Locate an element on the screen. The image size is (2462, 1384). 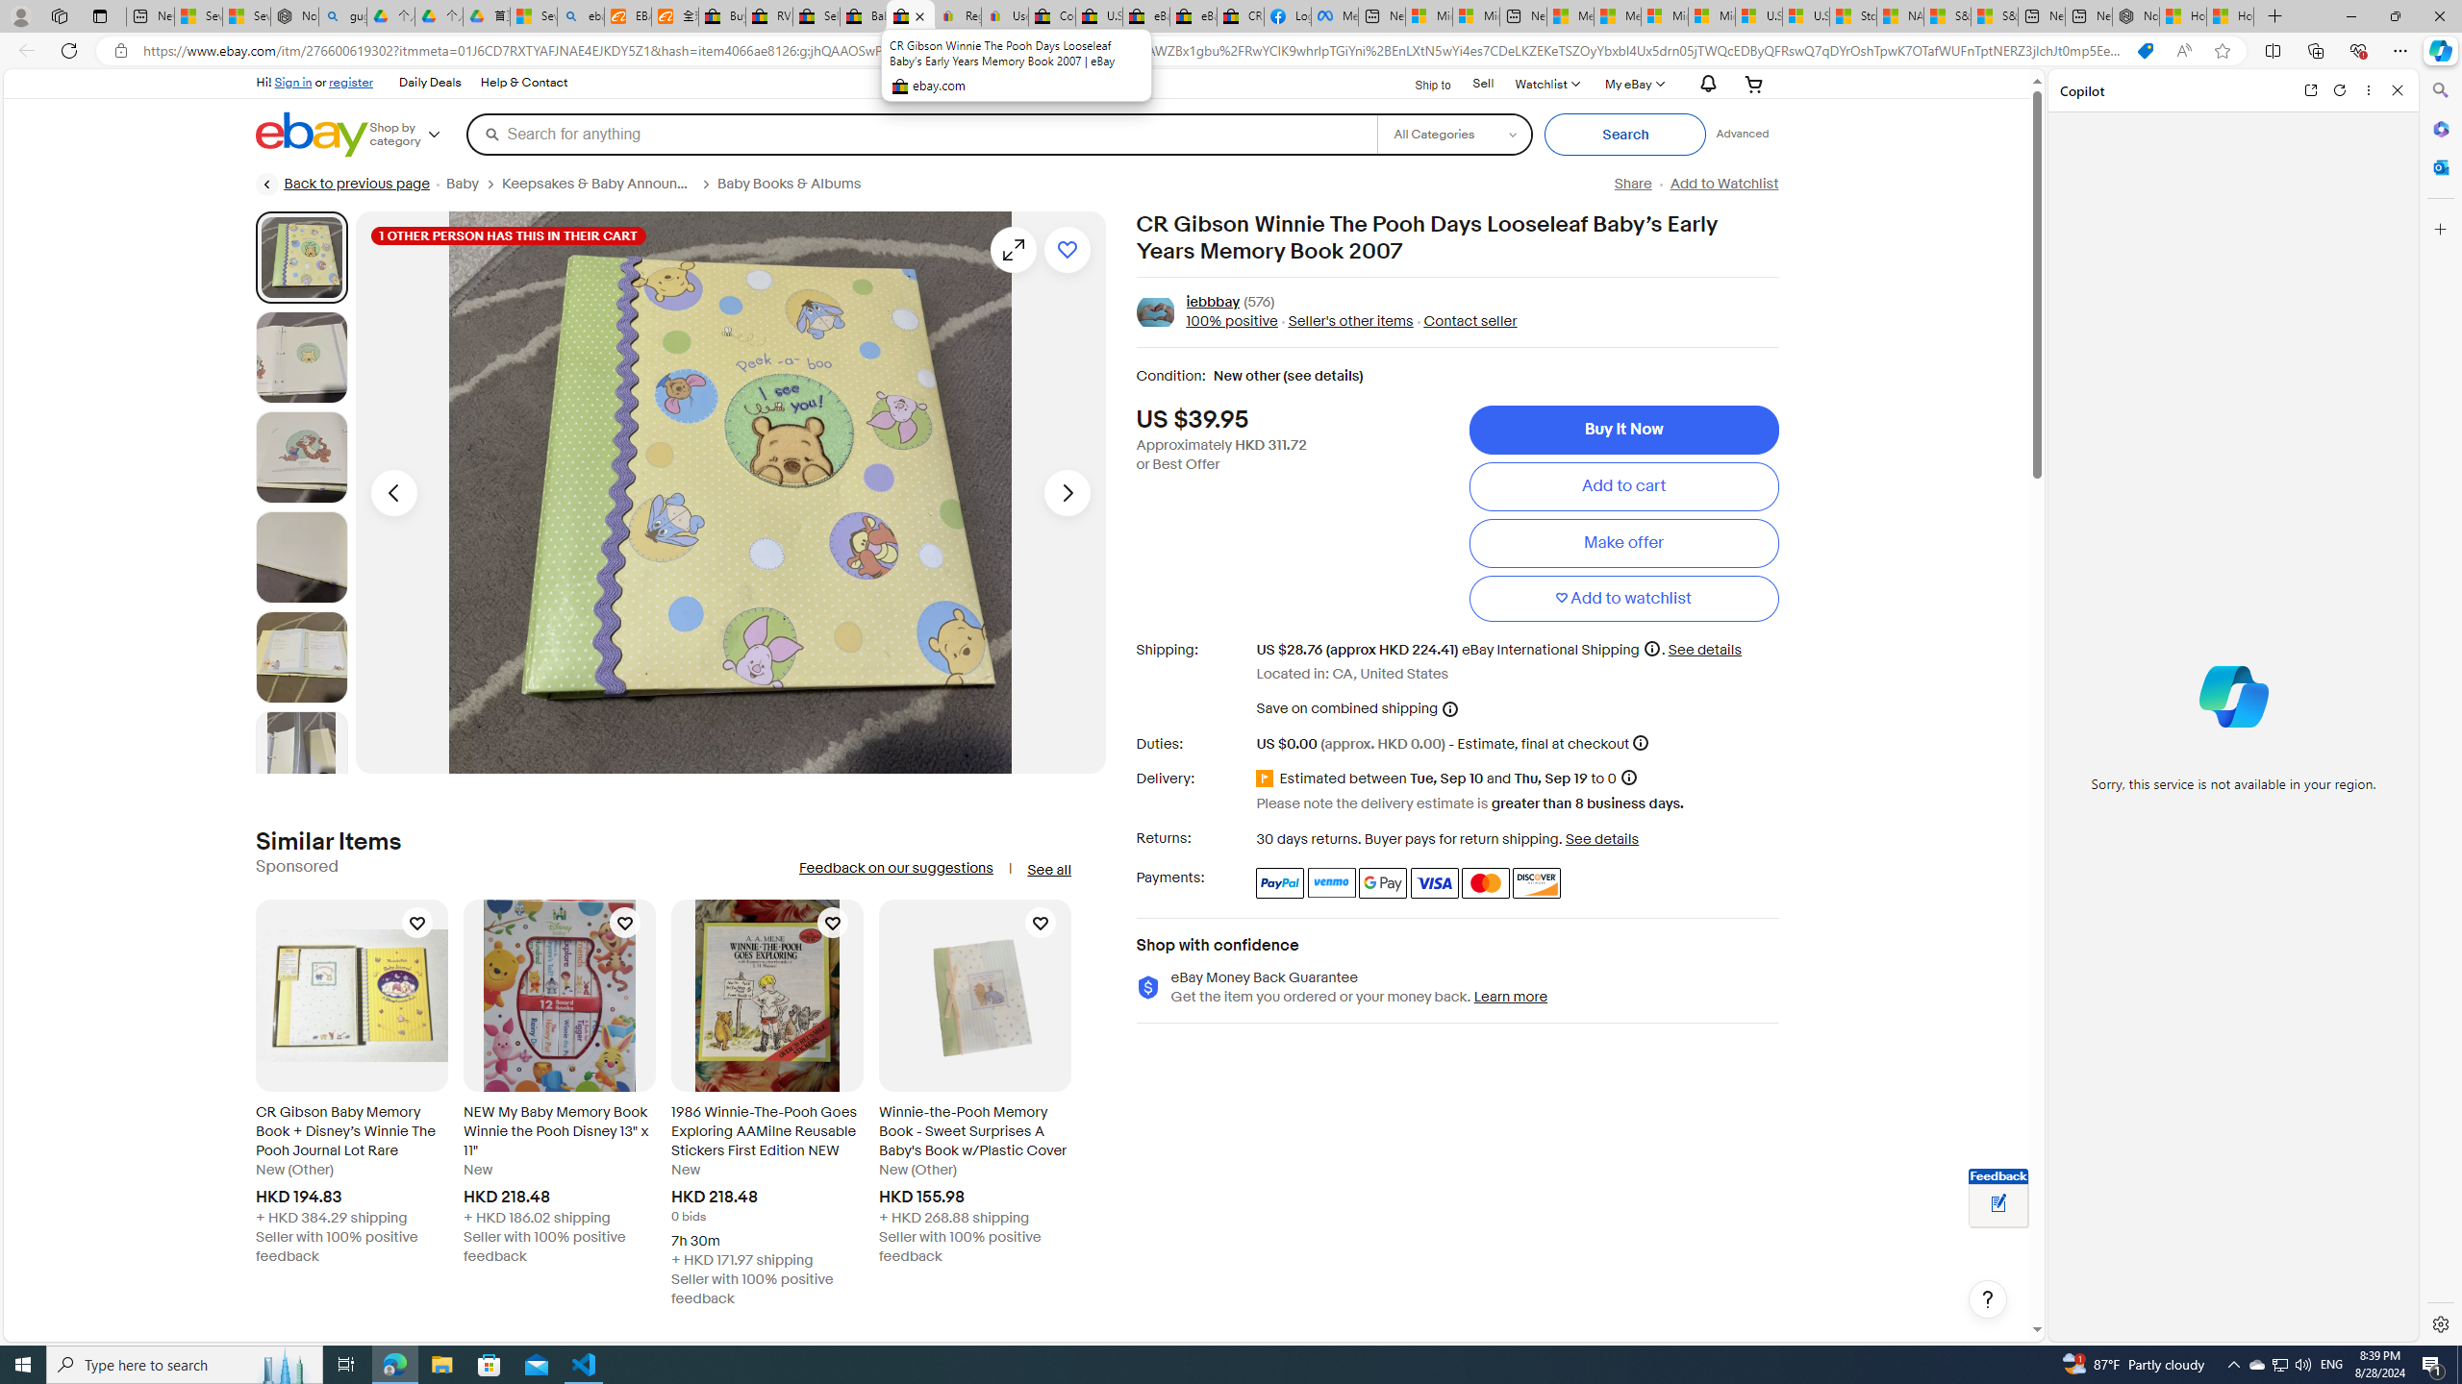
'Back to previous page' is located at coordinates (342, 184).